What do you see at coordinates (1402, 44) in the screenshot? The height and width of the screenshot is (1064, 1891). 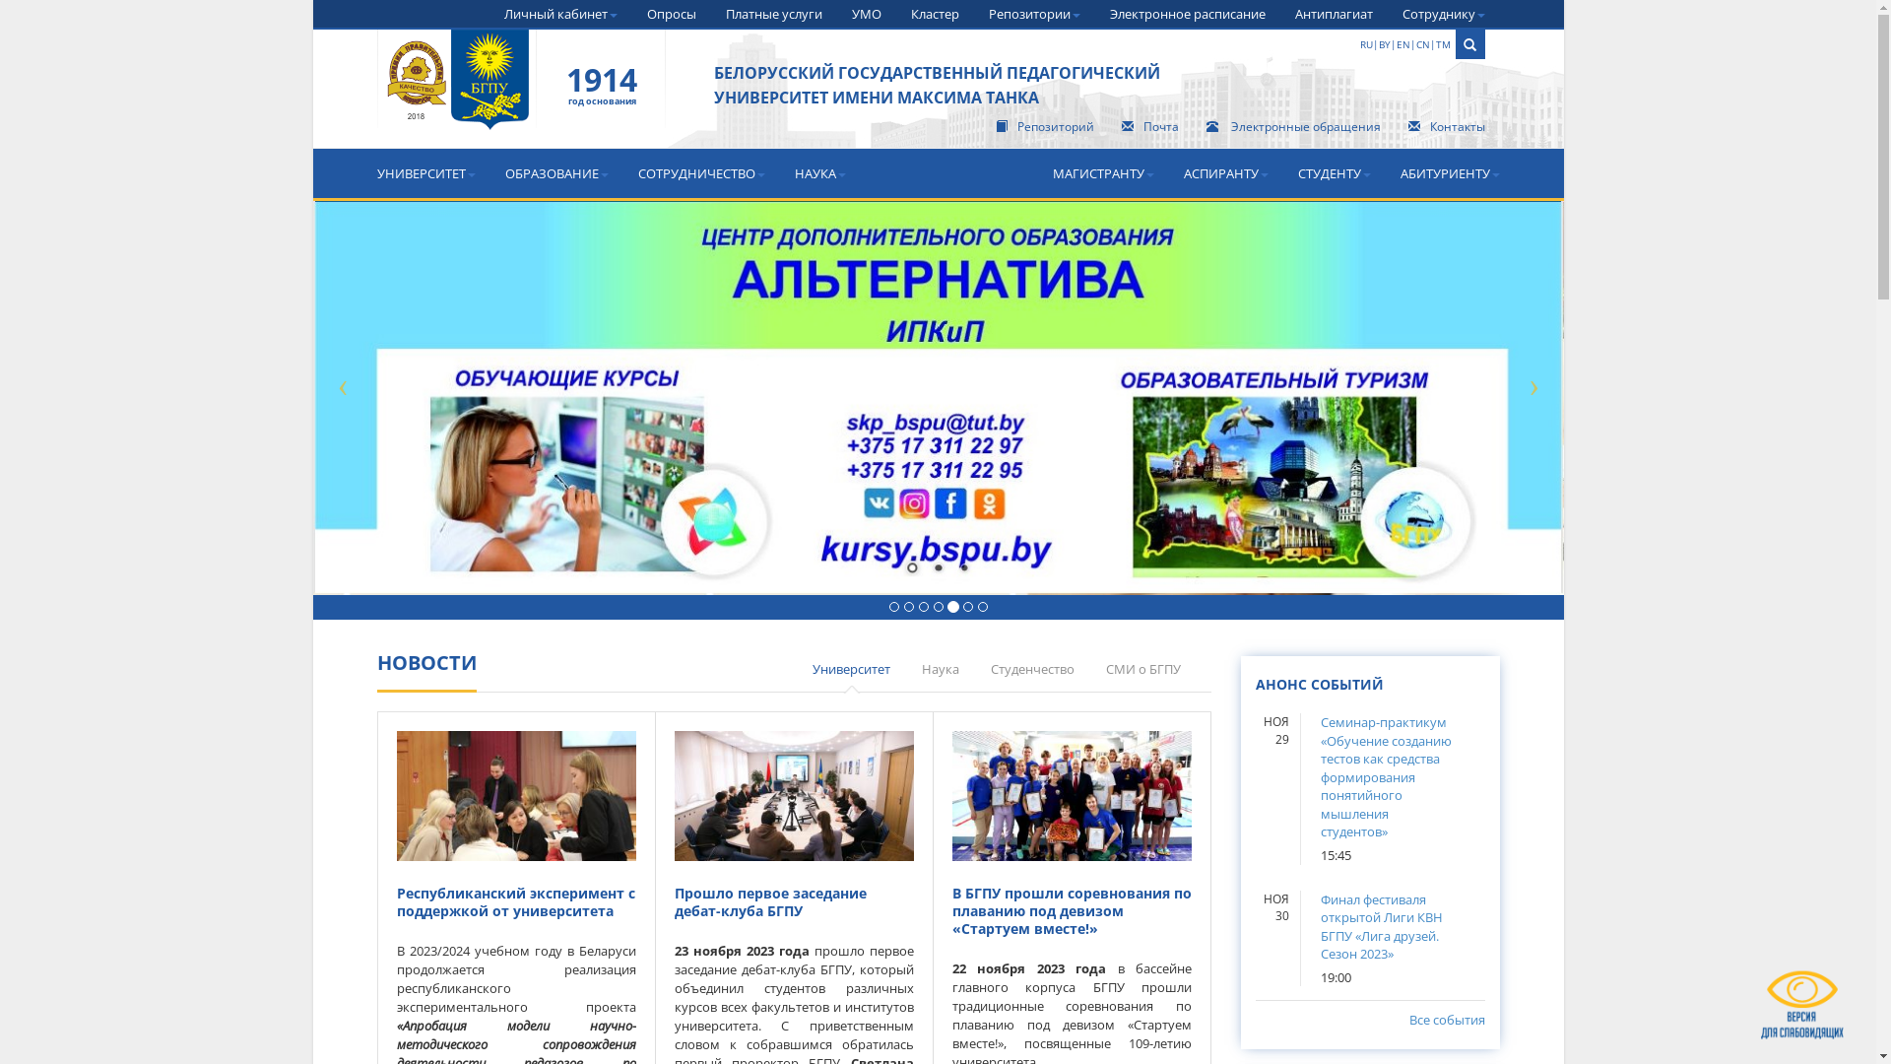 I see `'EN'` at bounding box center [1402, 44].